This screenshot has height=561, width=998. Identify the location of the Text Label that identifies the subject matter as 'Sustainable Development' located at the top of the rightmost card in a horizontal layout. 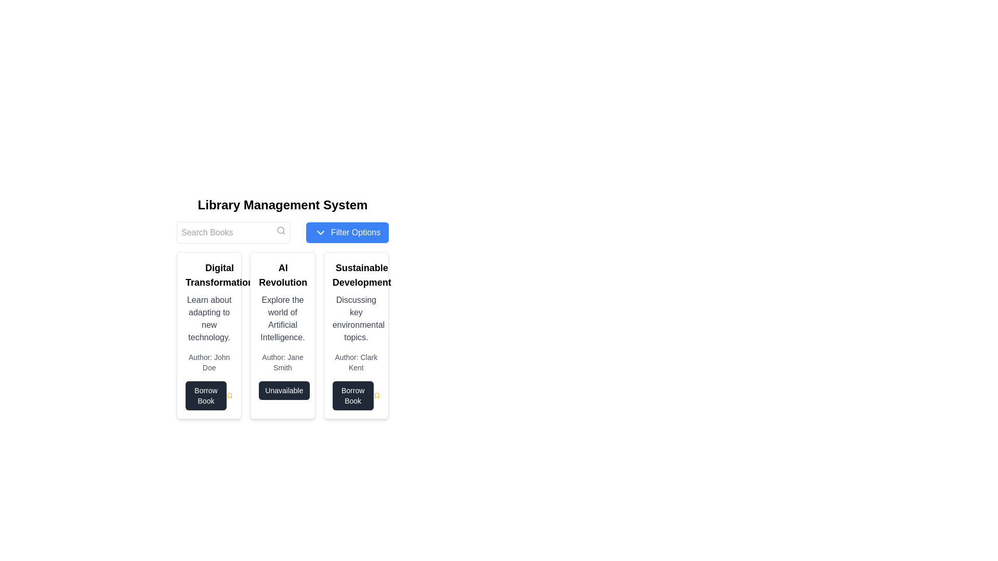
(362, 274).